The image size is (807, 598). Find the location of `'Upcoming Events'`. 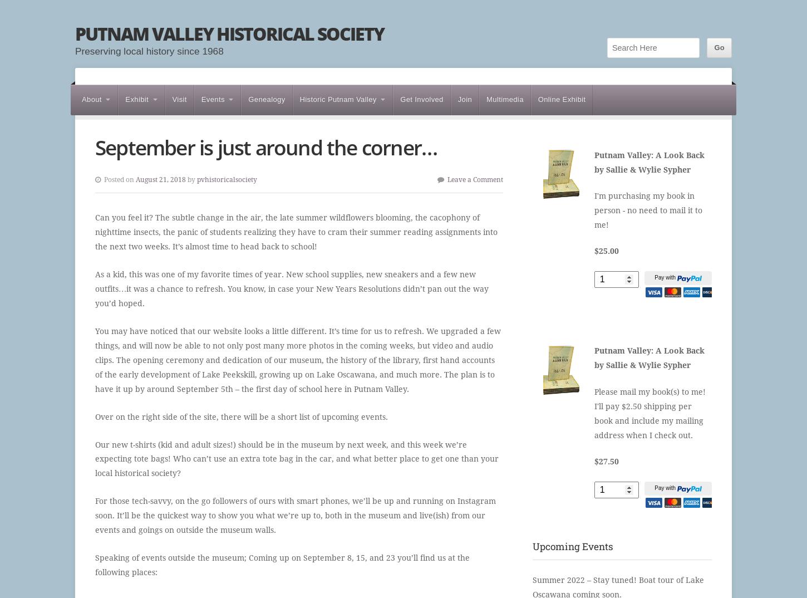

'Upcoming Events' is located at coordinates (572, 546).